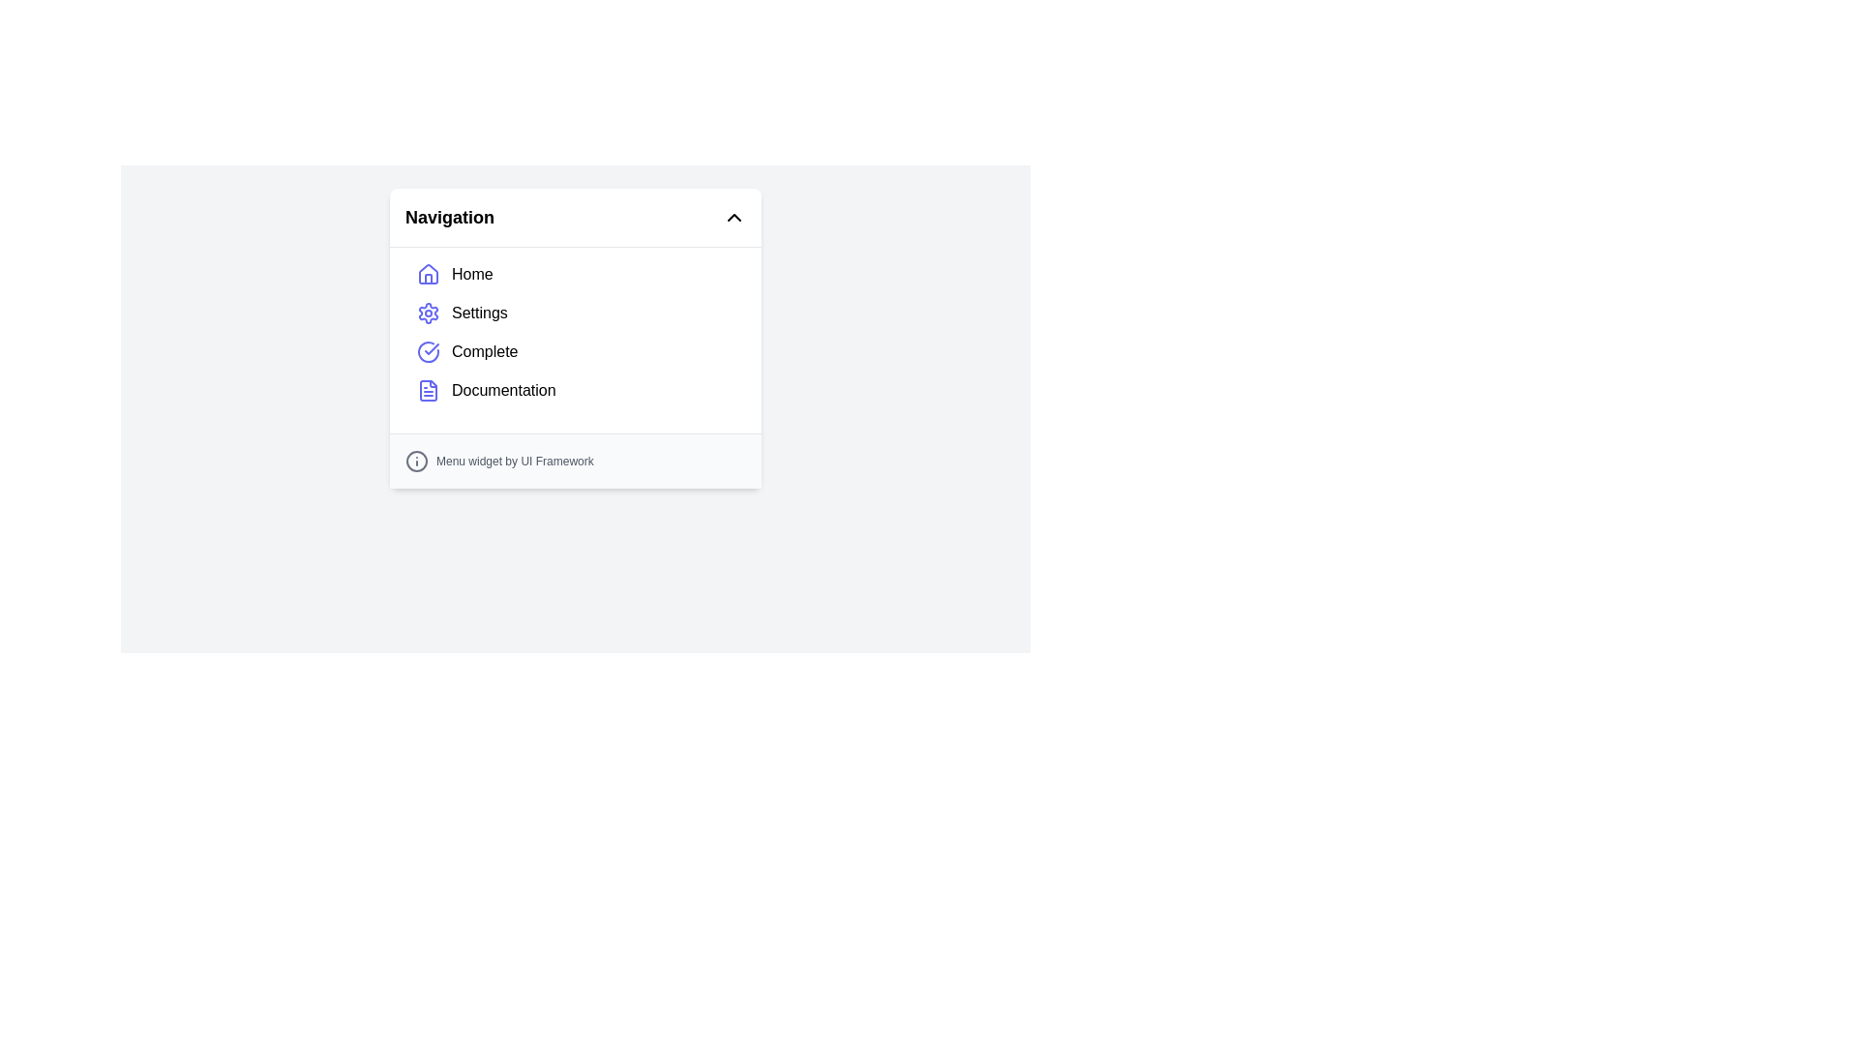 The height and width of the screenshot is (1045, 1858). What do you see at coordinates (503, 391) in the screenshot?
I see `the fourth menu item in the vertical list` at bounding box center [503, 391].